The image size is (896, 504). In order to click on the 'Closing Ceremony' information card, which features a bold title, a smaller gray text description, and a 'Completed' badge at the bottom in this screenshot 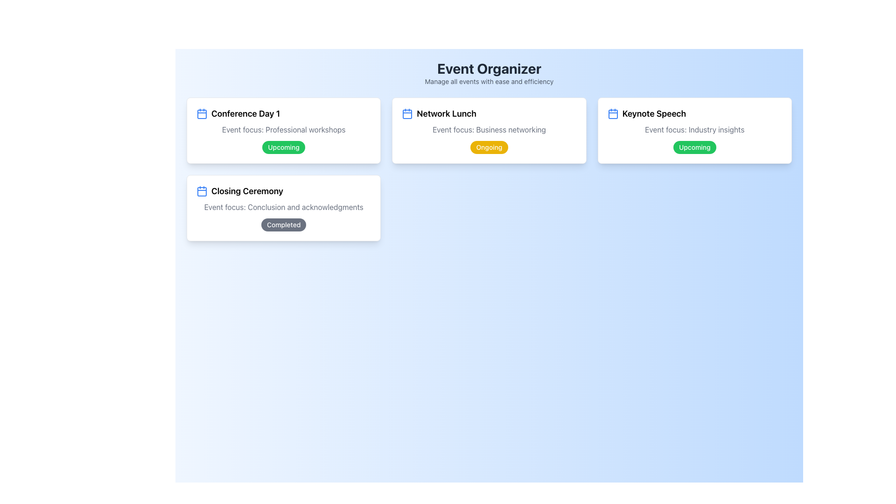, I will do `click(283, 208)`.